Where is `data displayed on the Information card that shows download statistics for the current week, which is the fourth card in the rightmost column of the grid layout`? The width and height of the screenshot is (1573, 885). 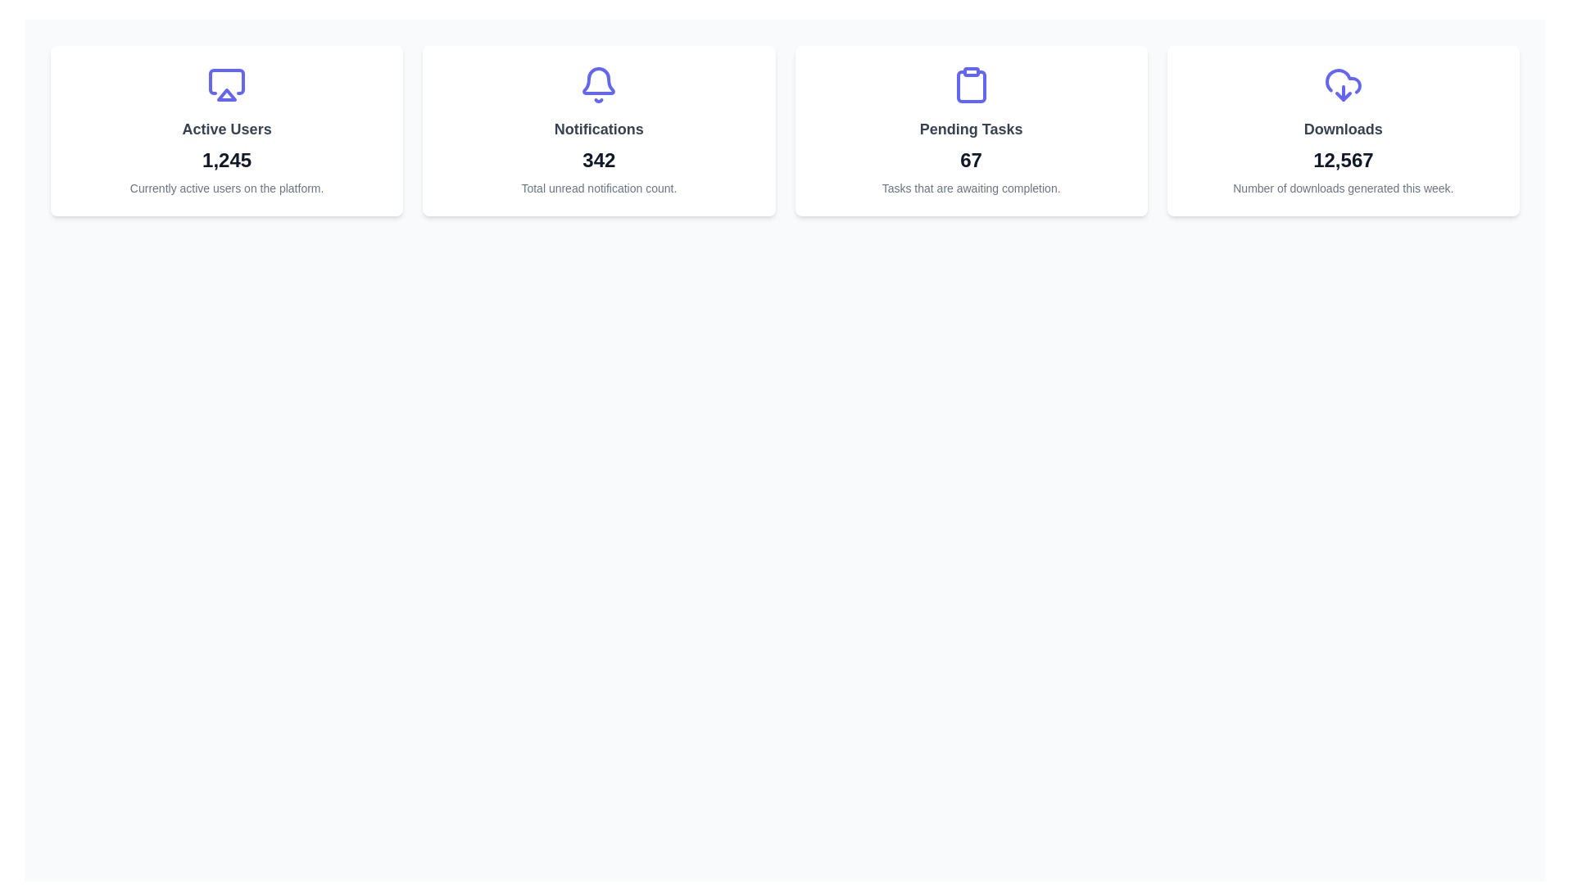 data displayed on the Information card that shows download statistics for the current week, which is the fourth card in the rightmost column of the grid layout is located at coordinates (1343, 129).